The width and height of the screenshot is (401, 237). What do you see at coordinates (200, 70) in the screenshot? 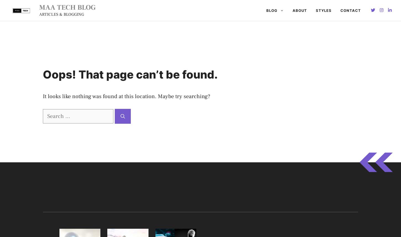
I see `'Culture'` at bounding box center [200, 70].